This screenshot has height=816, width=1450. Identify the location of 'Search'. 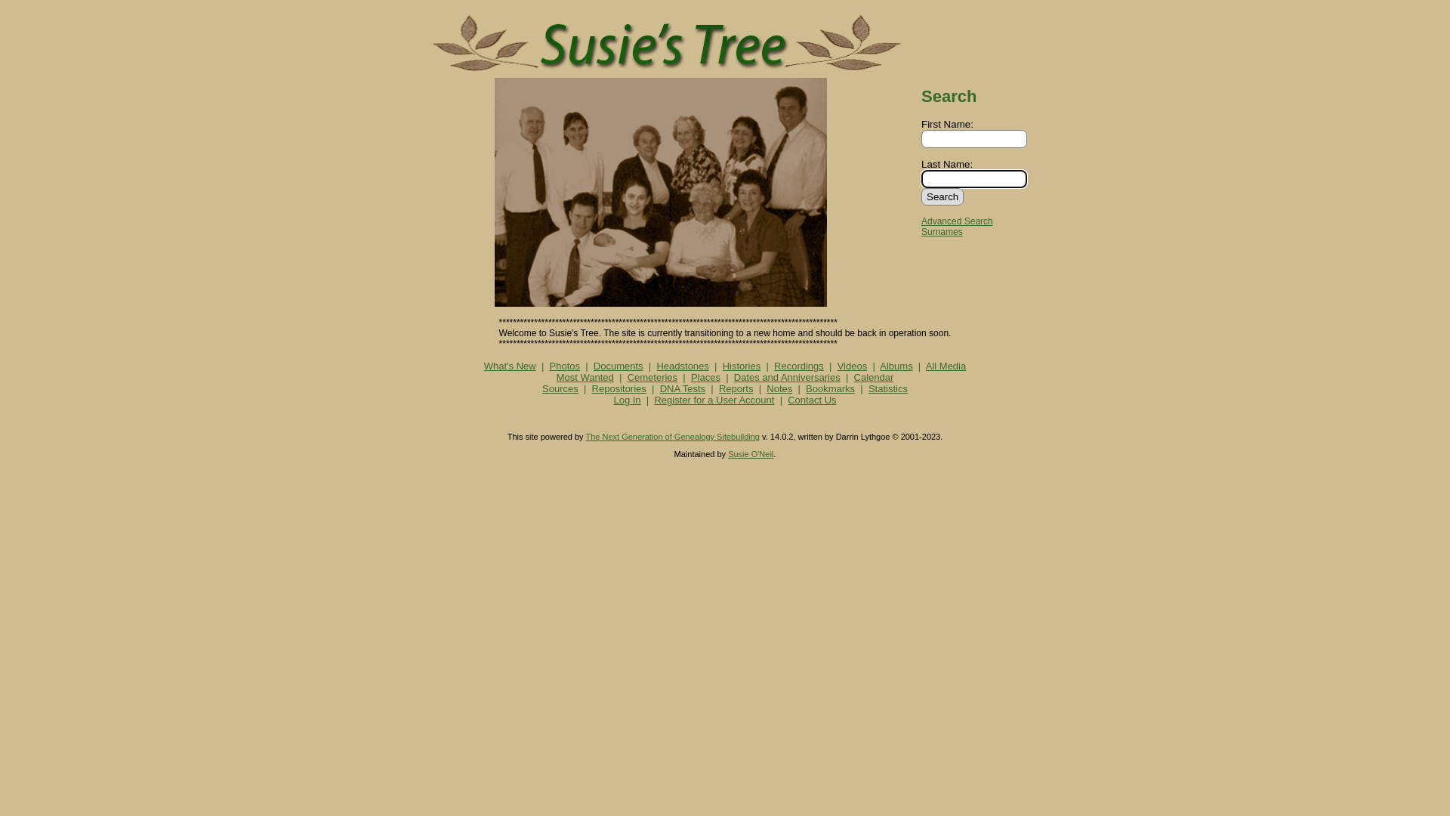
(942, 196).